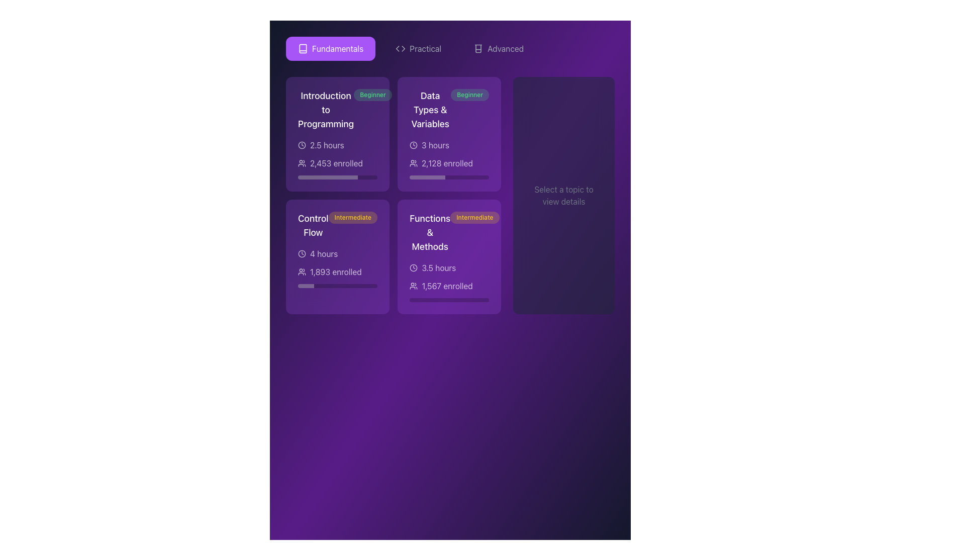 The height and width of the screenshot is (543, 965). What do you see at coordinates (338, 158) in the screenshot?
I see `the informational block that displays key metrics about the course, including its duration and enrollment count, located within the 'Introduction to Programming' section marked as 'Beginner'` at bounding box center [338, 158].